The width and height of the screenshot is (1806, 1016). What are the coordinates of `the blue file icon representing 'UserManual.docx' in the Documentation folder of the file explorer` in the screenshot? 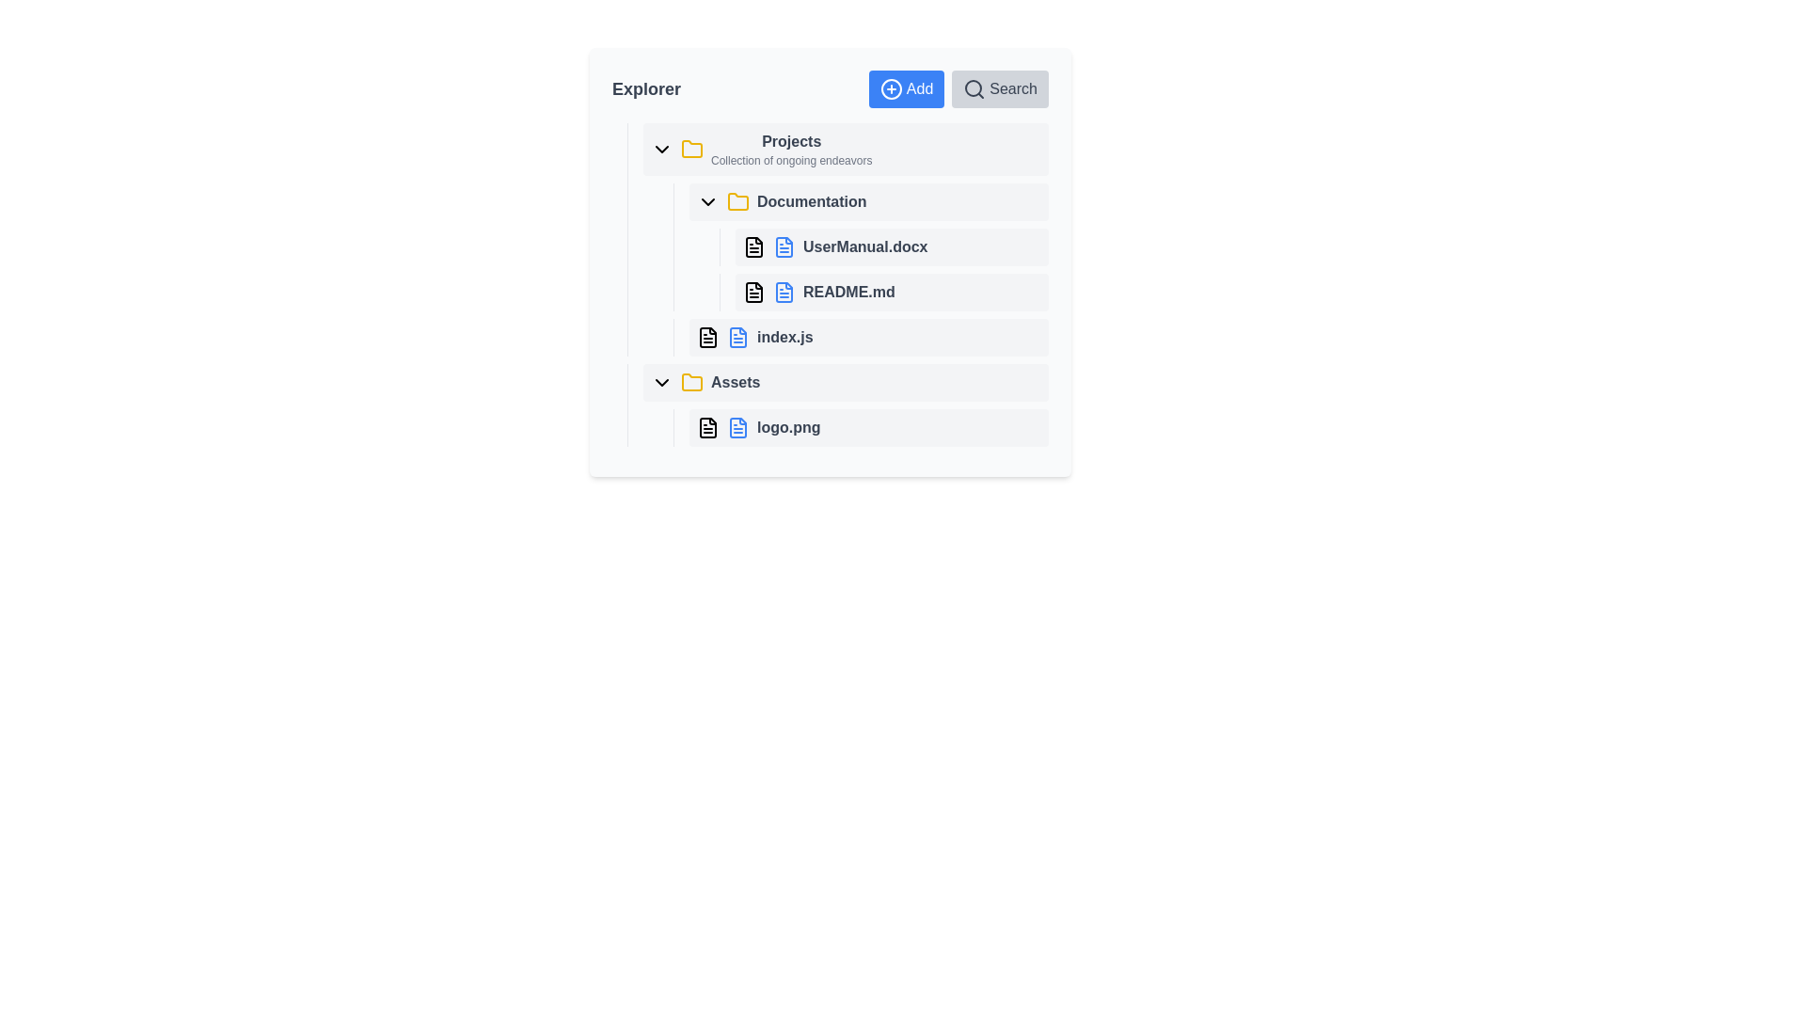 It's located at (784, 246).